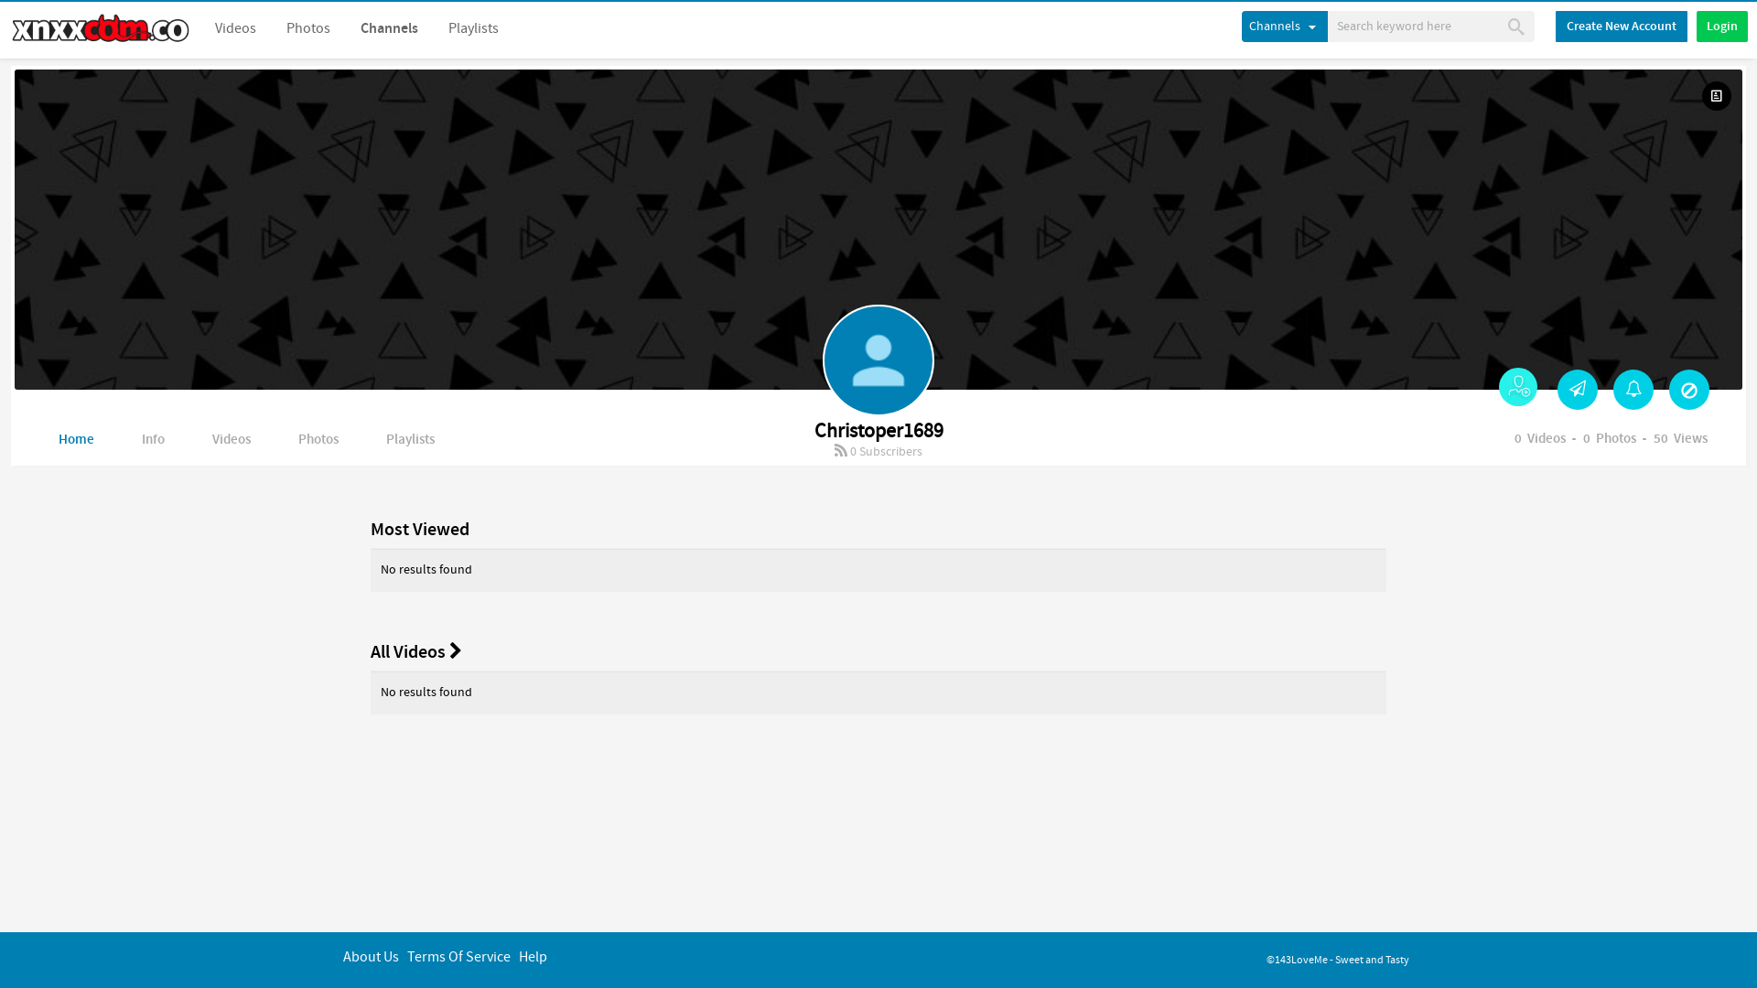  Describe the element at coordinates (75, 440) in the screenshot. I see `'Home'` at that location.